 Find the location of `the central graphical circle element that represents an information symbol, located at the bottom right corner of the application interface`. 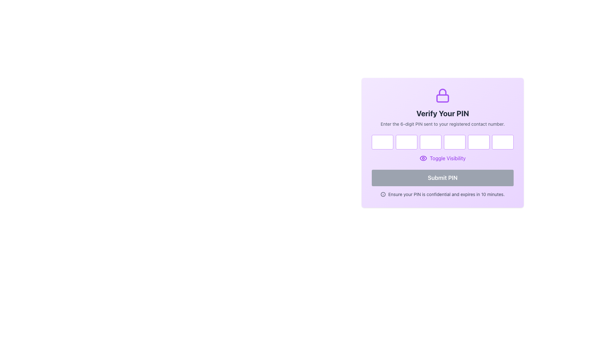

the central graphical circle element that represents an information symbol, located at the bottom right corner of the application interface is located at coordinates (383, 194).